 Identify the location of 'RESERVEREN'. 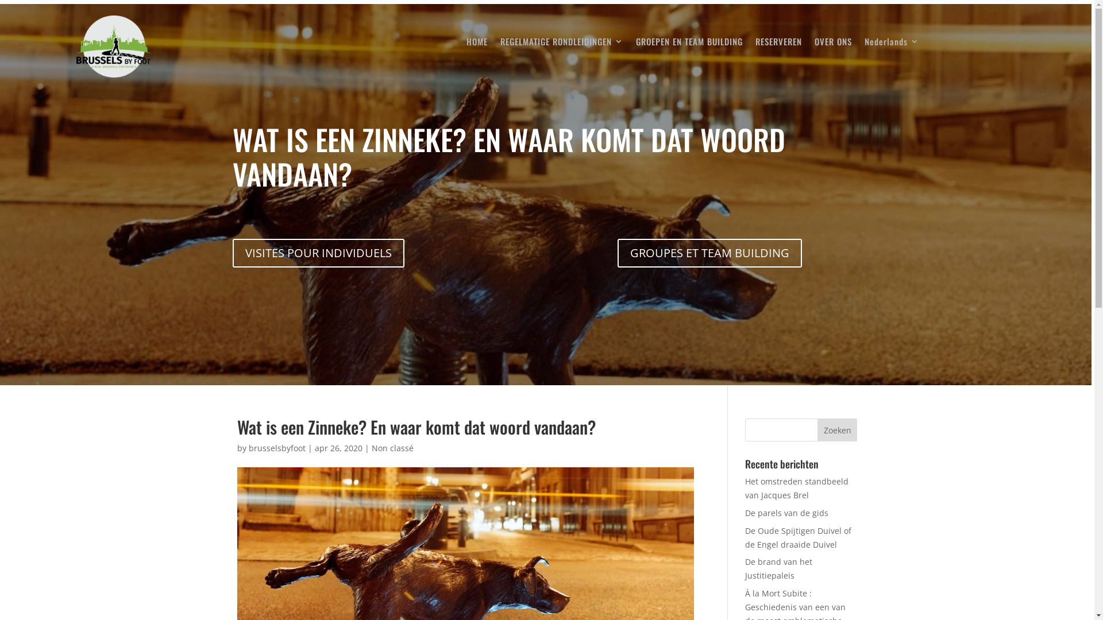
(755, 43).